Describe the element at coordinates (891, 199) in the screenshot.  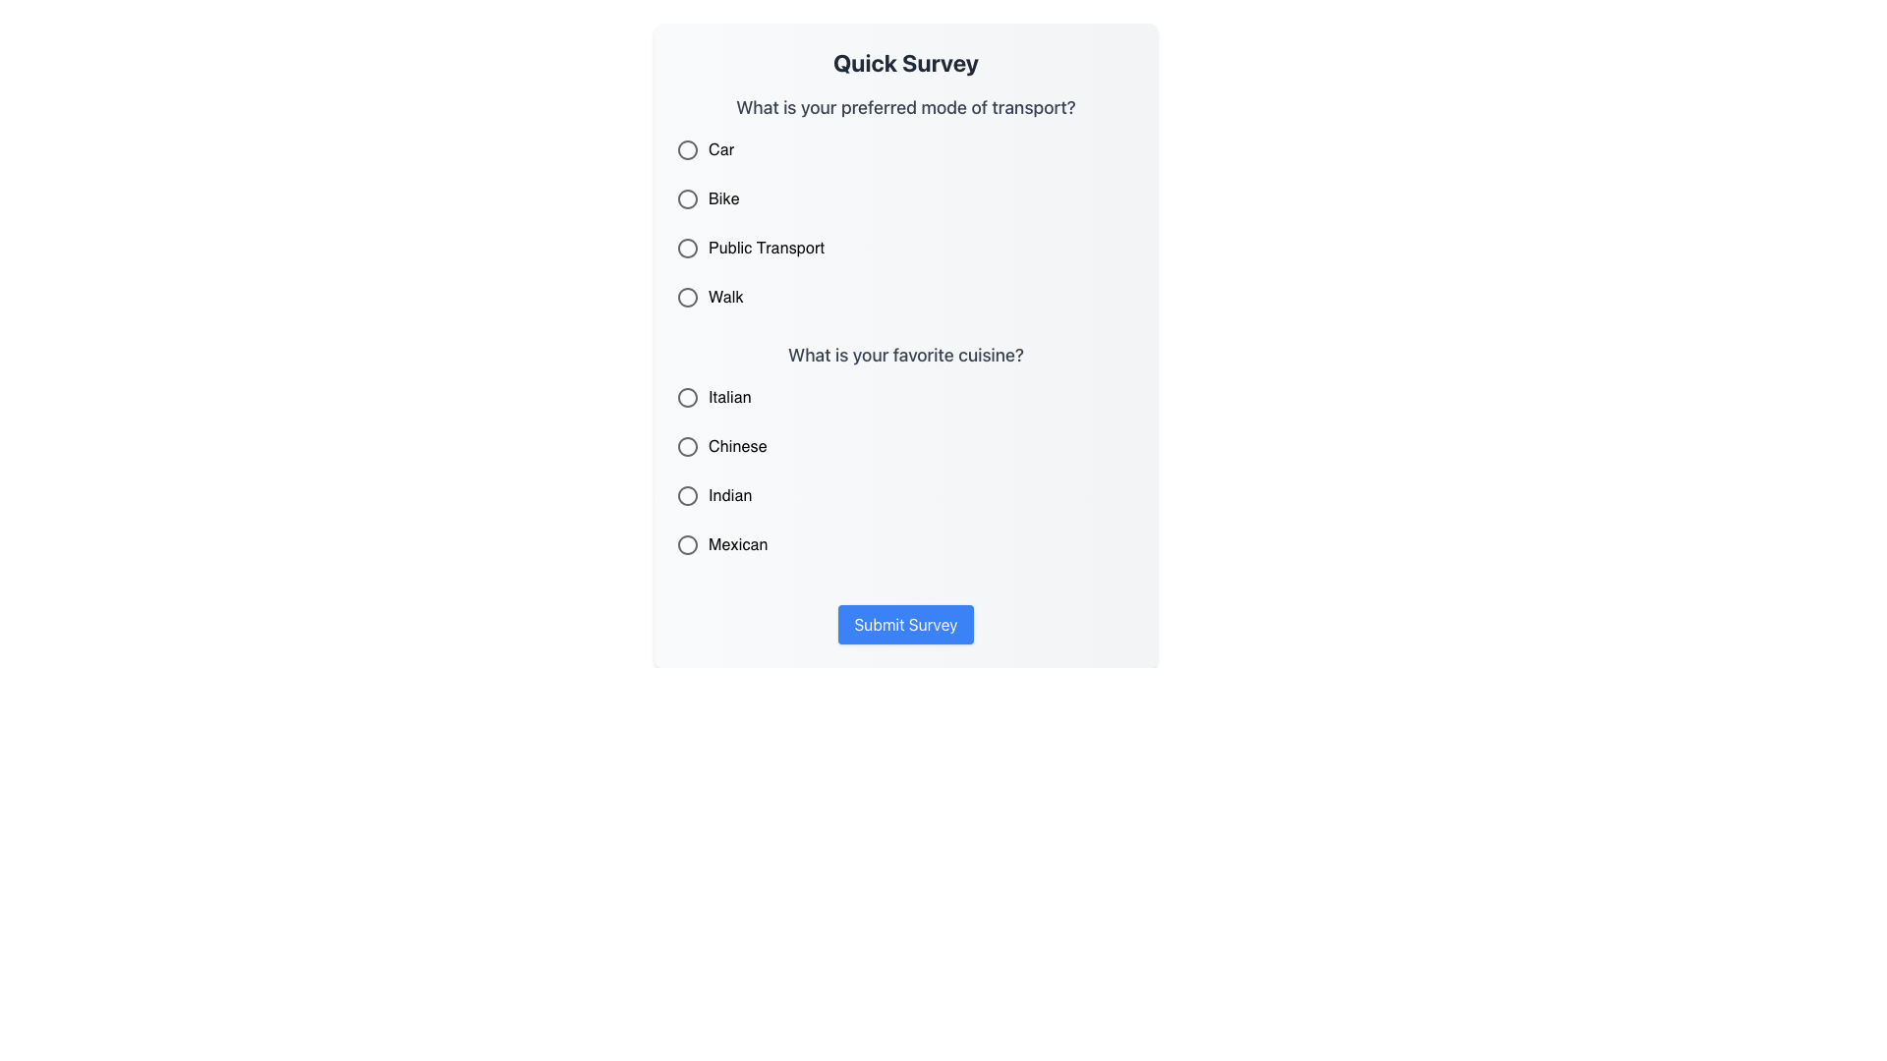
I see `the 'Bike' radio button in the transport preference survey` at that location.